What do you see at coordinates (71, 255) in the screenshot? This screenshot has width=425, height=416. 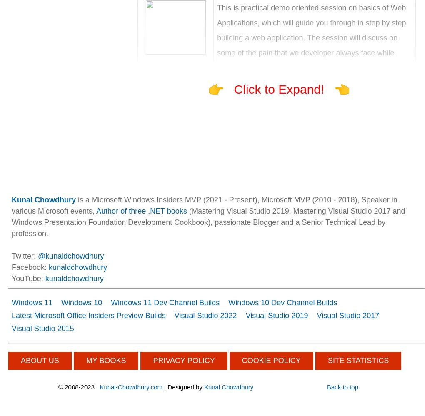 I see `'@kunaldchowdhury'` at bounding box center [71, 255].